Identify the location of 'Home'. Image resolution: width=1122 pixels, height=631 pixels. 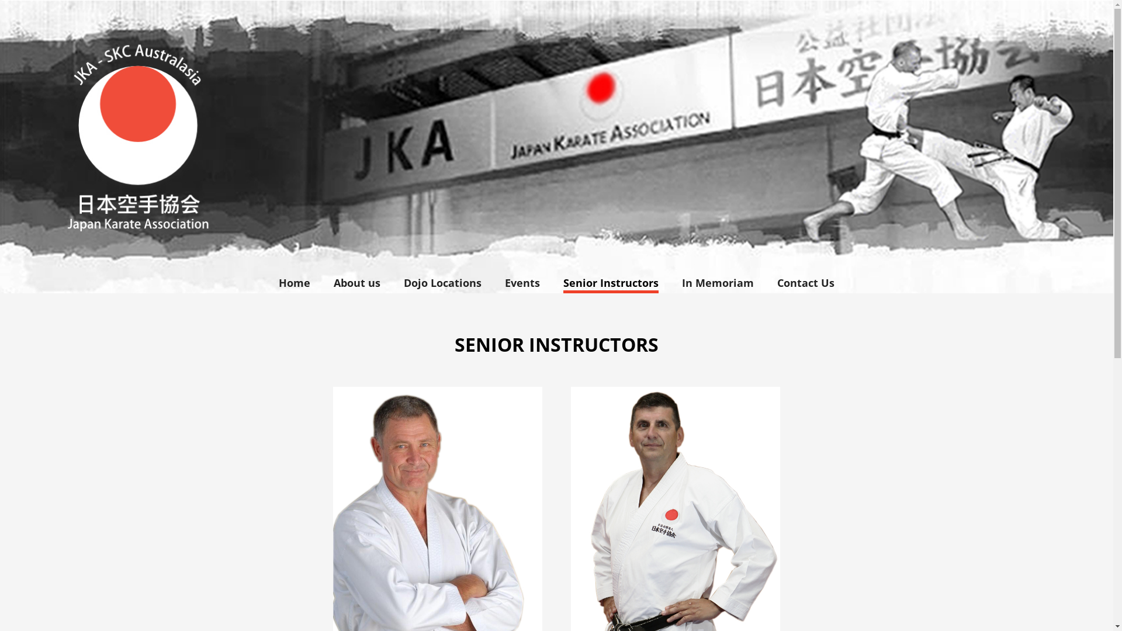
(295, 282).